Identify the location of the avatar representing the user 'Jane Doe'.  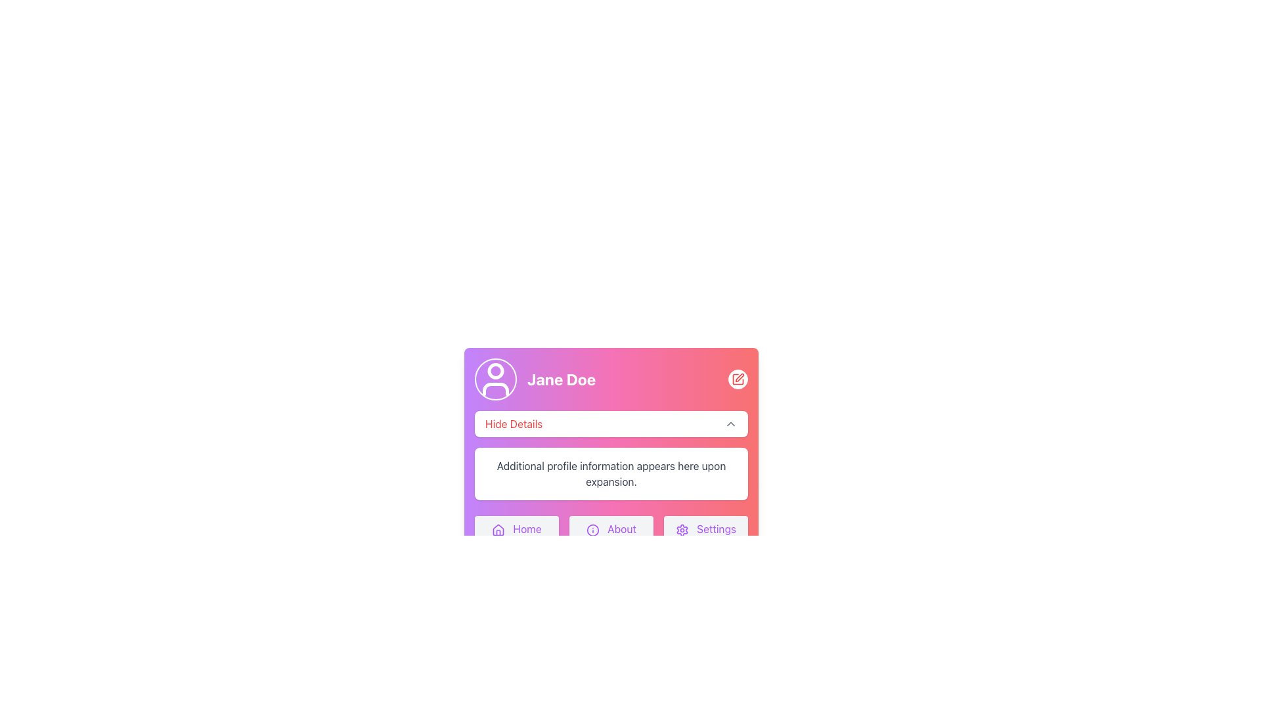
(495, 379).